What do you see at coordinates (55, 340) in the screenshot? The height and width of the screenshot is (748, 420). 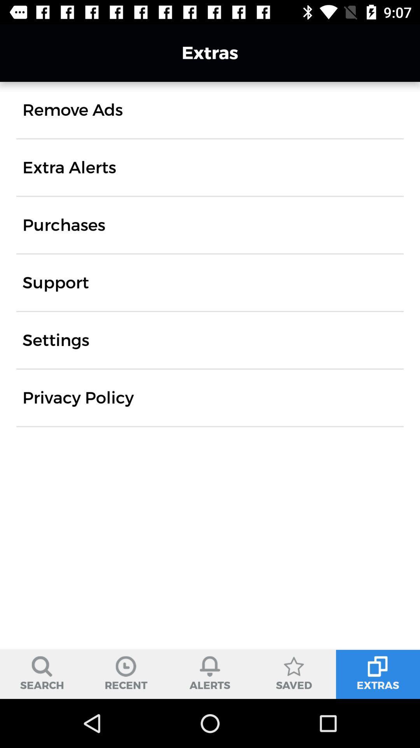 I see `the item above privacy policy item` at bounding box center [55, 340].